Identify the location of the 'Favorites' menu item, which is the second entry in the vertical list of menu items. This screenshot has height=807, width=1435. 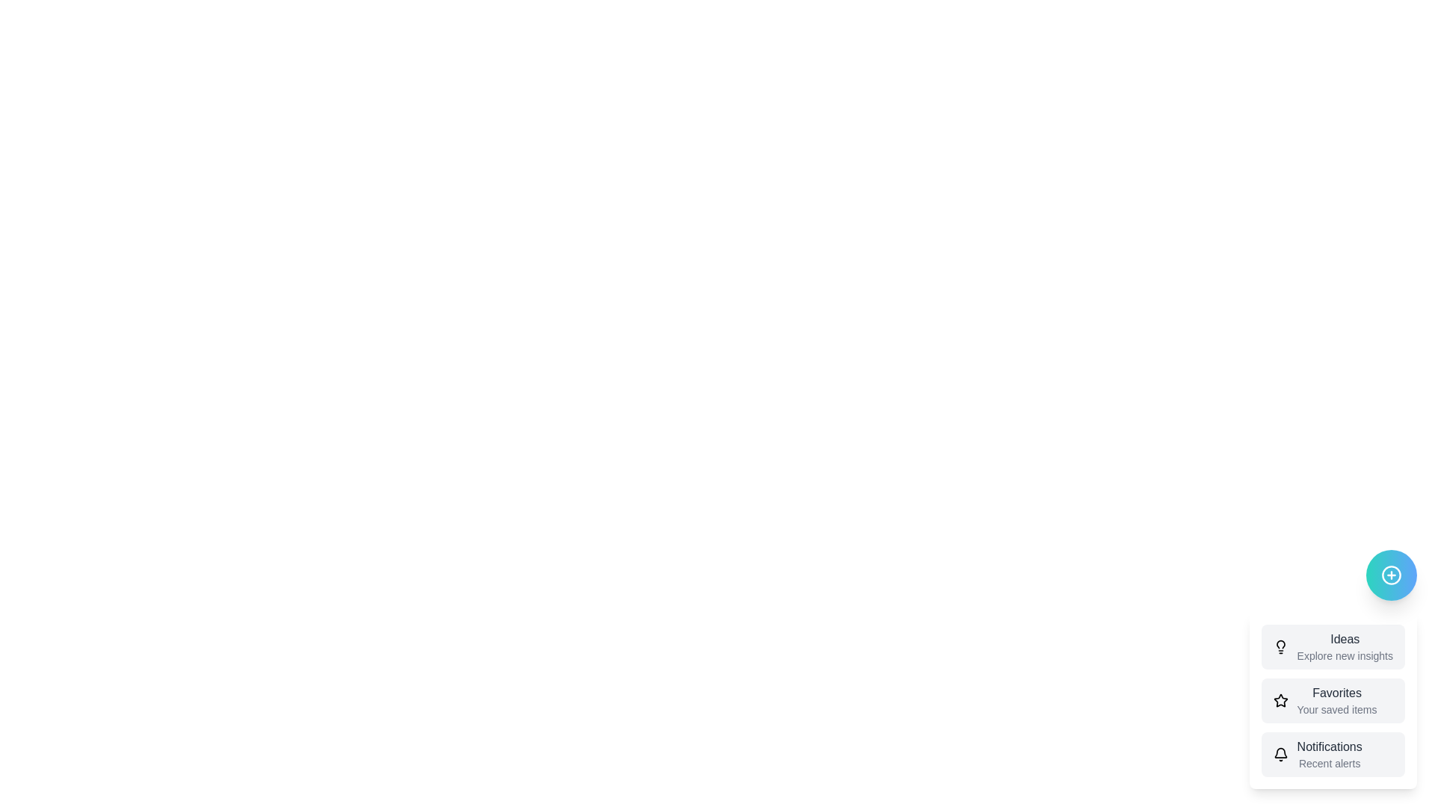
(1337, 700).